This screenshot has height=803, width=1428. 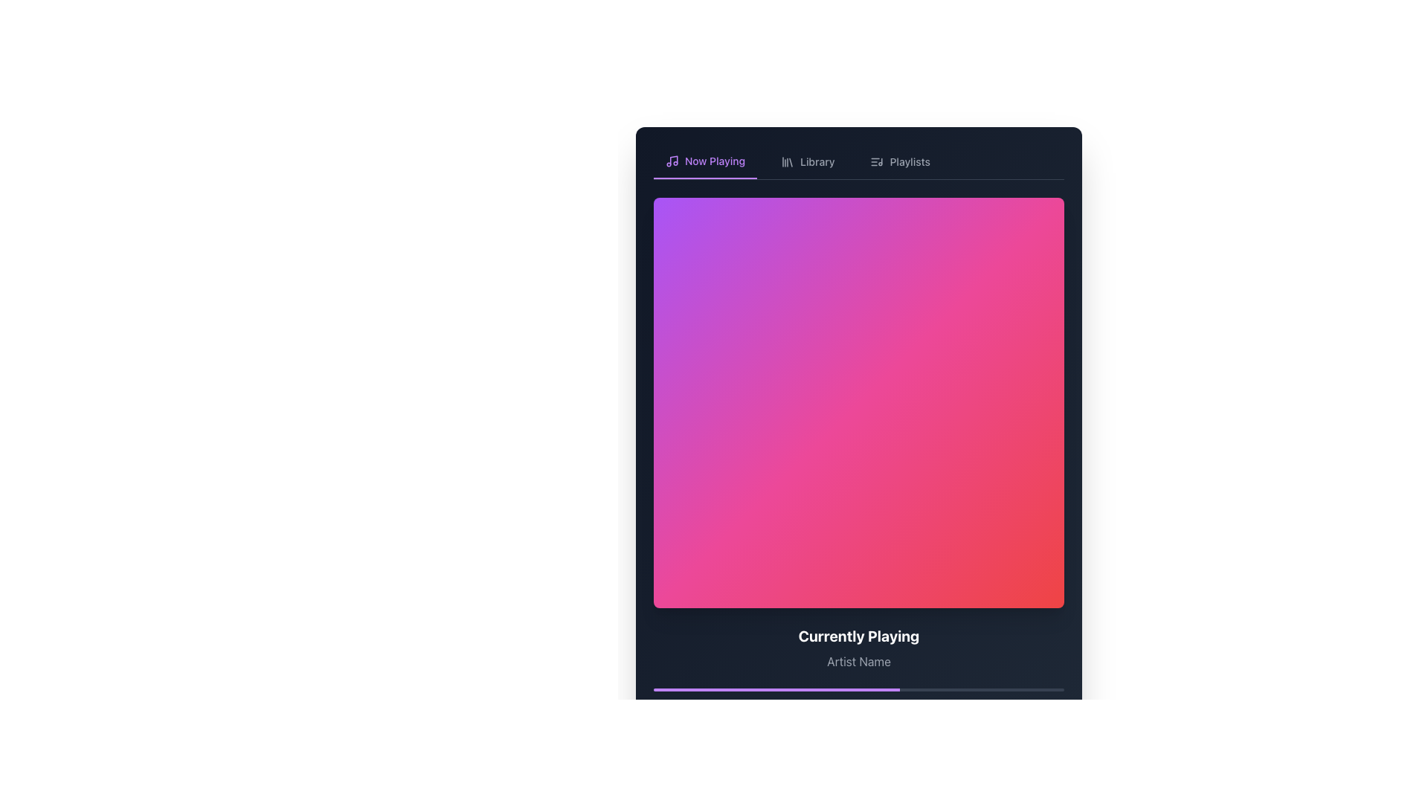 I want to click on the vertical segment of the musical note icon located to the left of the 'Now Playing' tab in the top navigation bar, so click(x=673, y=160).